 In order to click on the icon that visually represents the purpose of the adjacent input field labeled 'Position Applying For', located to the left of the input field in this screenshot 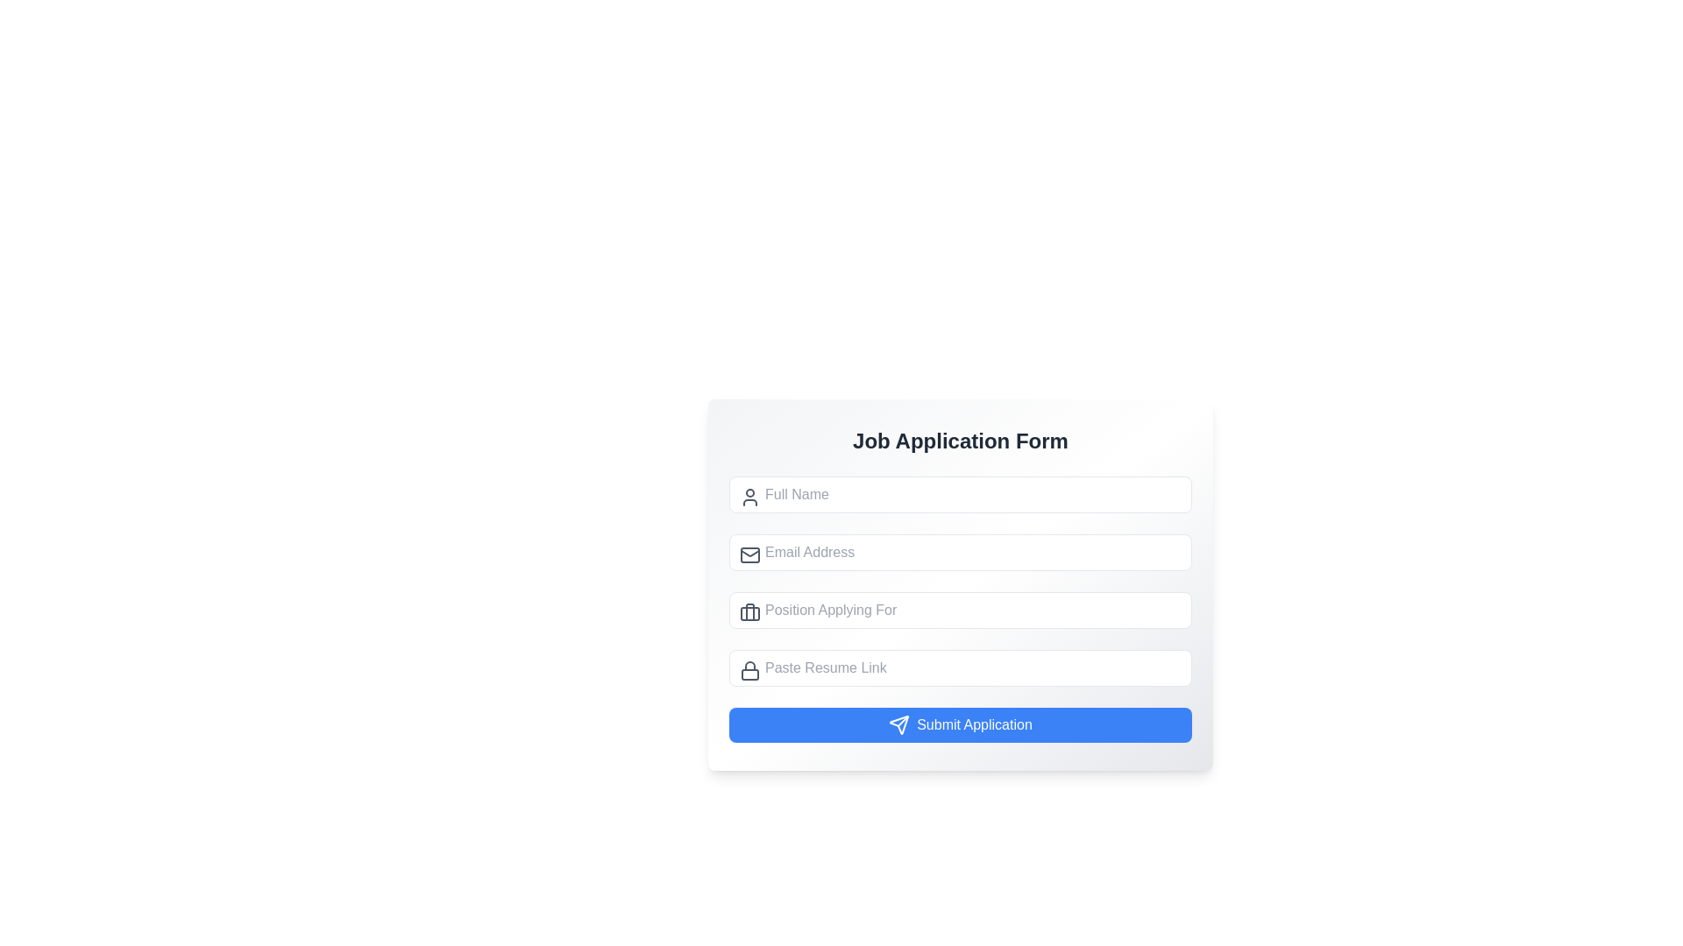, I will do `click(749, 611)`.